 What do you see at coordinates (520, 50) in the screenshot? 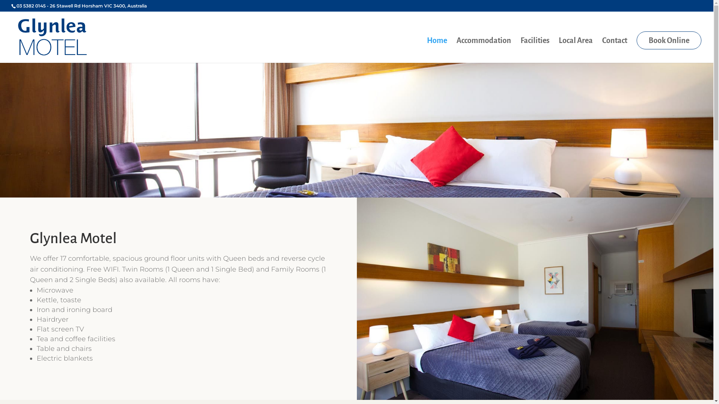
I see `'Facilities'` at bounding box center [520, 50].